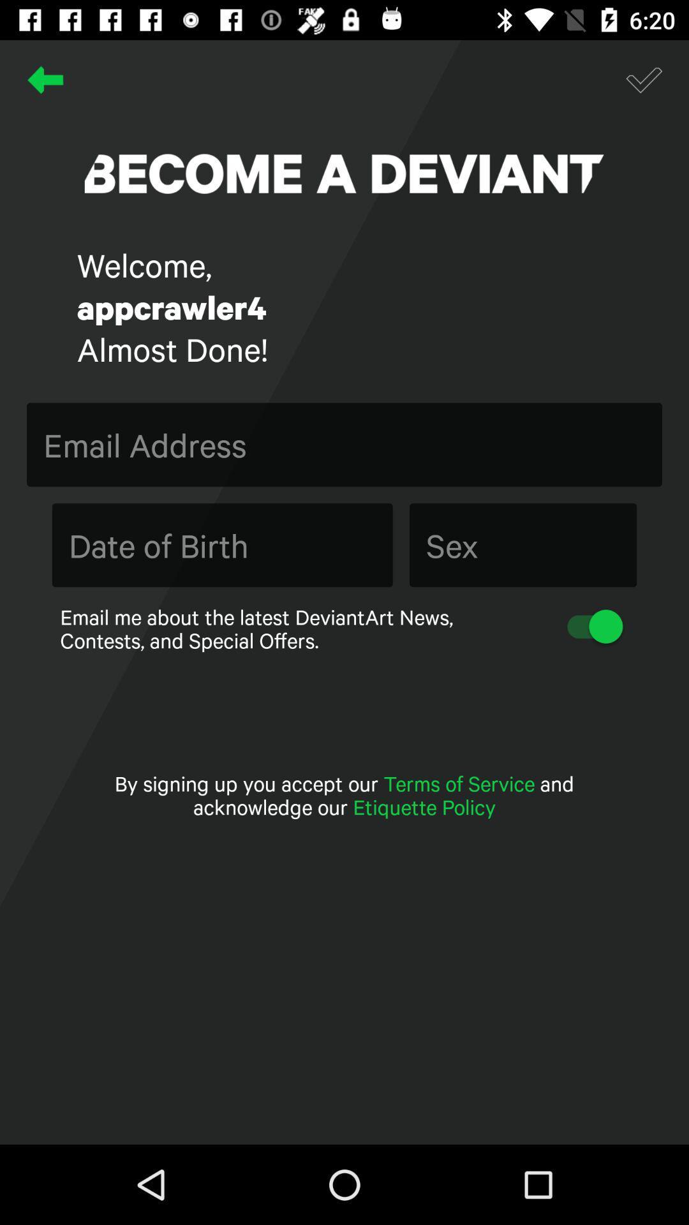 The width and height of the screenshot is (689, 1225). What do you see at coordinates (344, 794) in the screenshot?
I see `item below email me about` at bounding box center [344, 794].